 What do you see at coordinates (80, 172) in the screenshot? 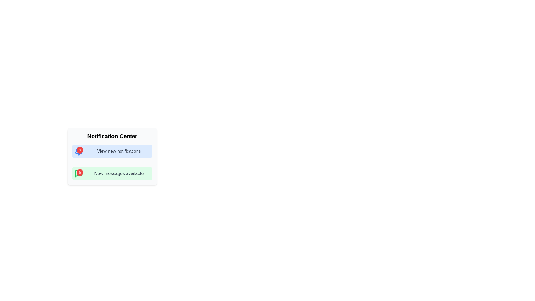
I see `the Notification Badge that indicates the number of new messages or notifications, positioned in the top-right corner relative to the green notification icon` at bounding box center [80, 172].